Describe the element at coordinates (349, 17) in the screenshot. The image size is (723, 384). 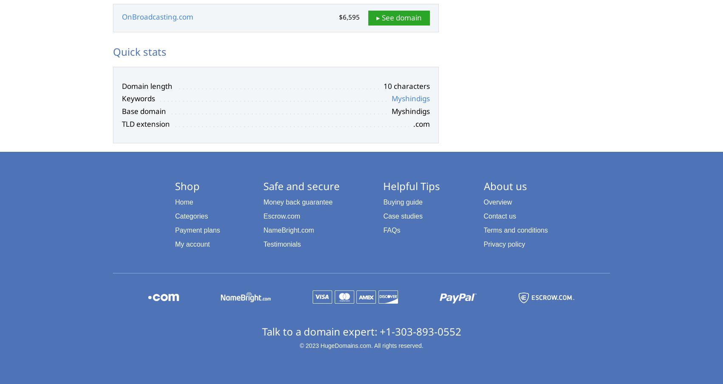
I see `'$6,595'` at that location.